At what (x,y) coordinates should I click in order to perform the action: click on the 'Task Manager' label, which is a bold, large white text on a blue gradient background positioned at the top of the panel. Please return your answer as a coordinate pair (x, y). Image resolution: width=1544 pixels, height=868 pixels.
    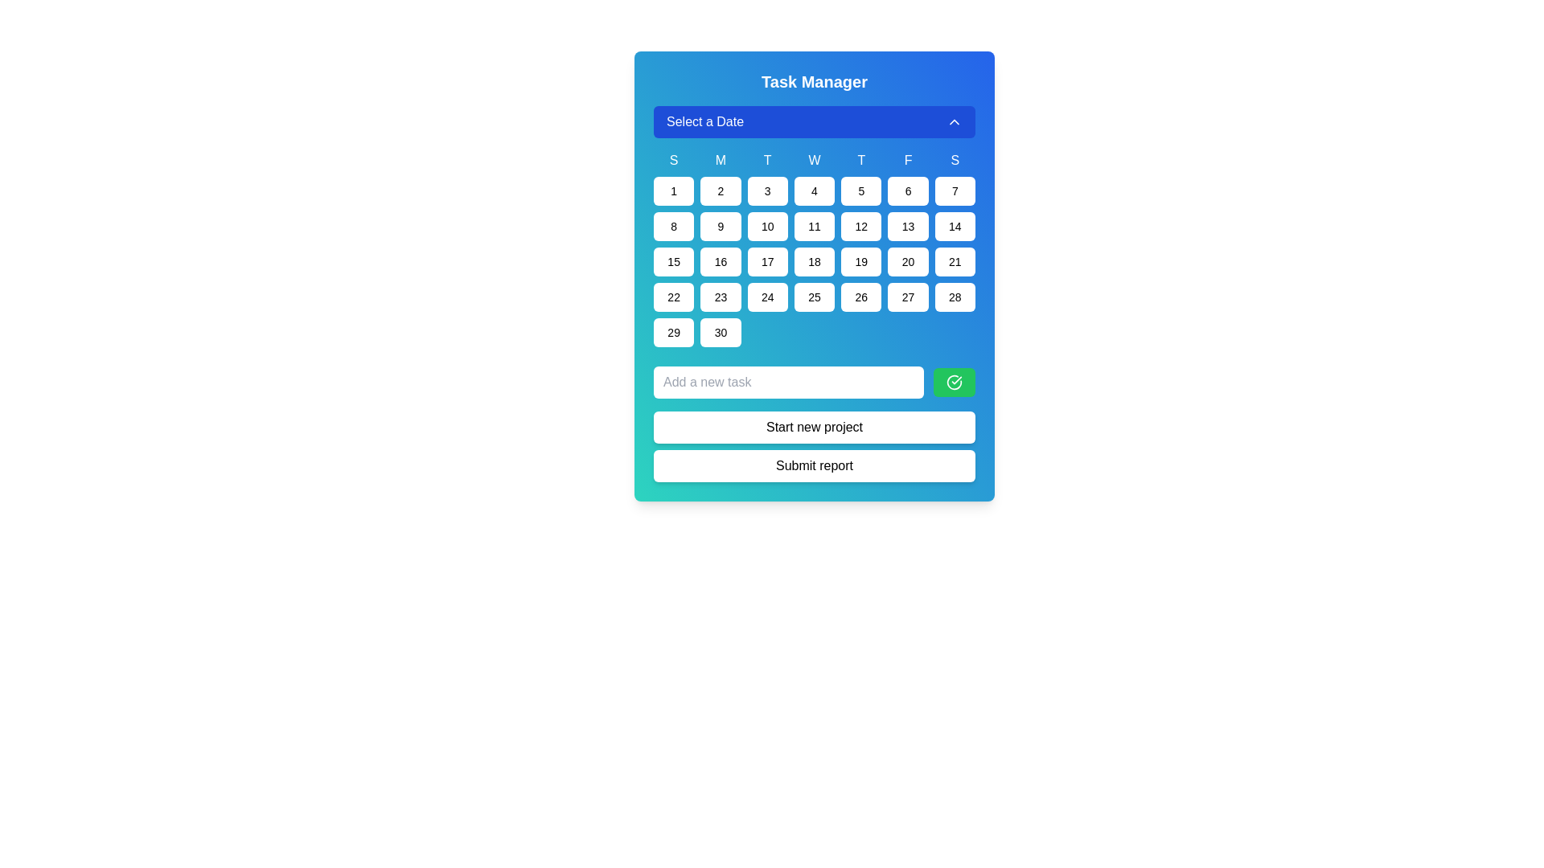
    Looking at the image, I should click on (814, 81).